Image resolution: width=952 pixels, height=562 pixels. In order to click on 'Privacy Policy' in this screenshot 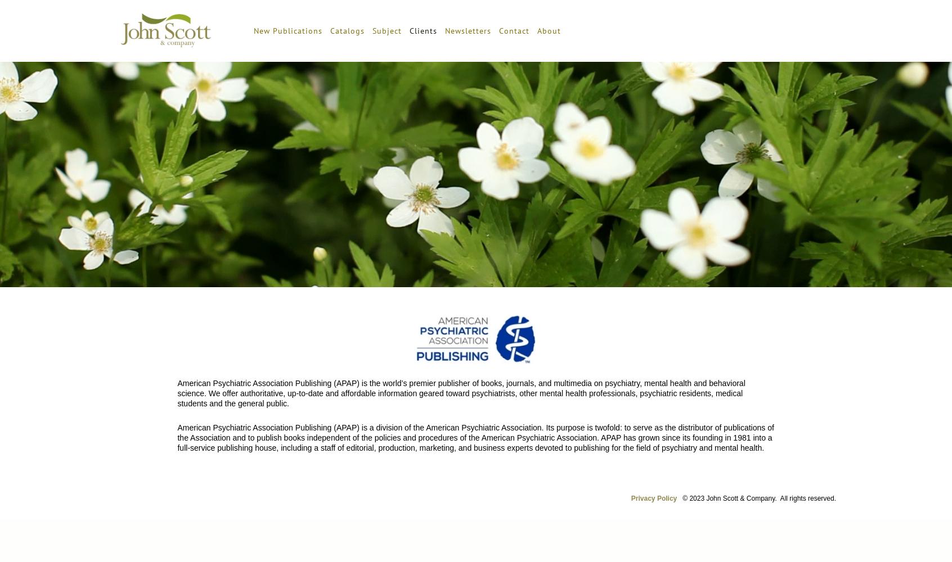, I will do `click(653, 498)`.